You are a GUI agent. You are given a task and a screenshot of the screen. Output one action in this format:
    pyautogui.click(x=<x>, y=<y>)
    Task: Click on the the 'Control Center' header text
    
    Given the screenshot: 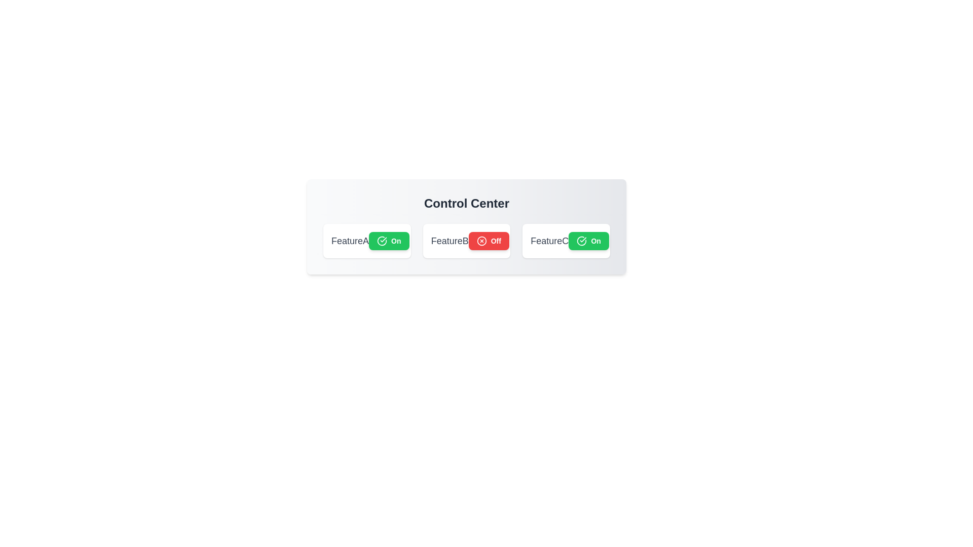 What is the action you would take?
    pyautogui.click(x=466, y=203)
    